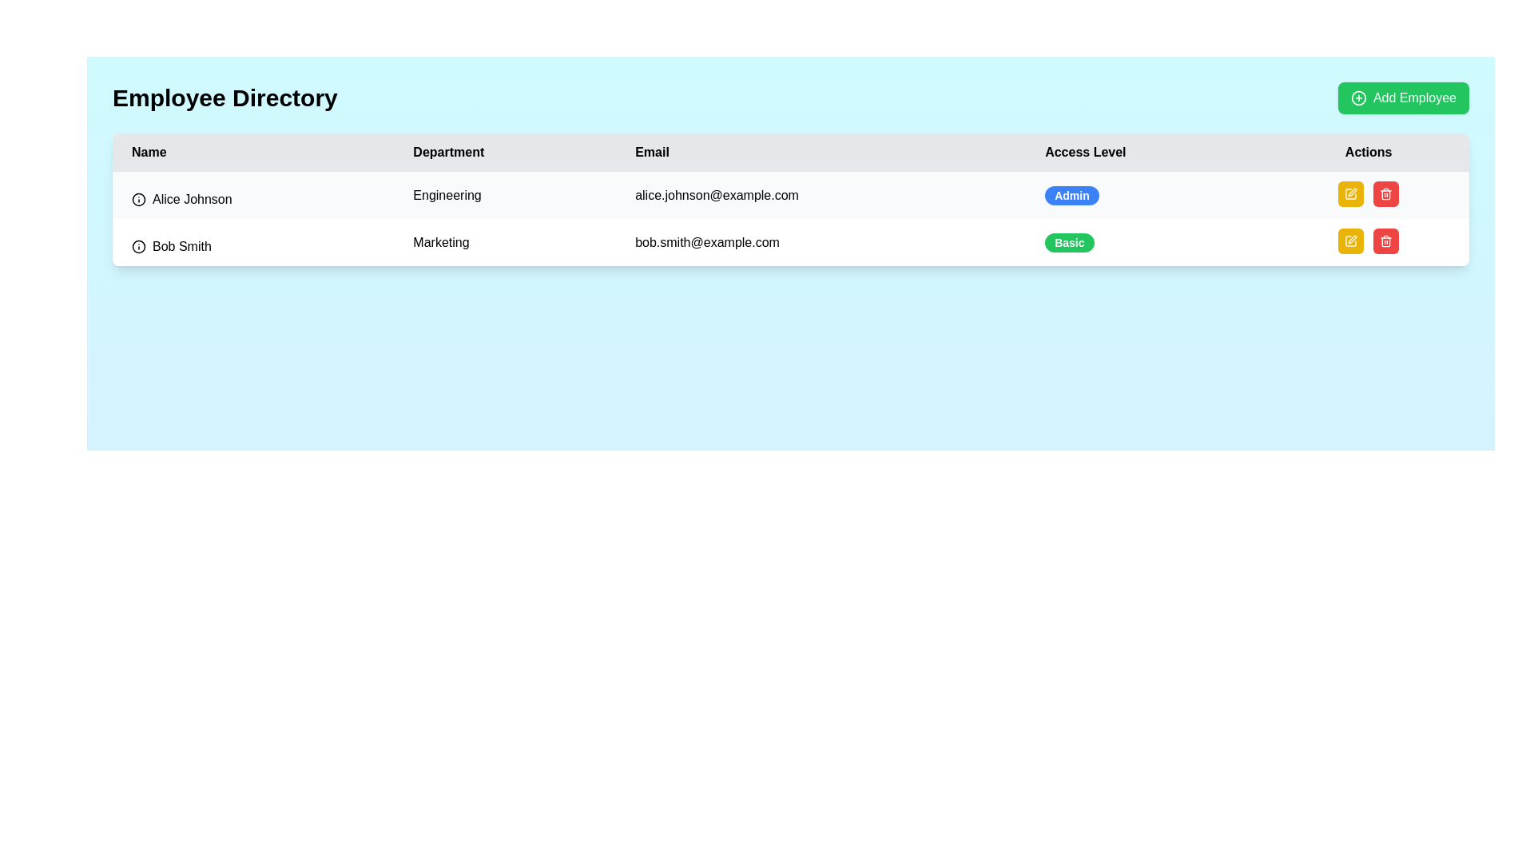 The height and width of the screenshot is (863, 1534). Describe the element at coordinates (1352, 240) in the screenshot. I see `the SVG icon depicting a pen in the 'Actions' column for 'Bob Smith'` at that location.